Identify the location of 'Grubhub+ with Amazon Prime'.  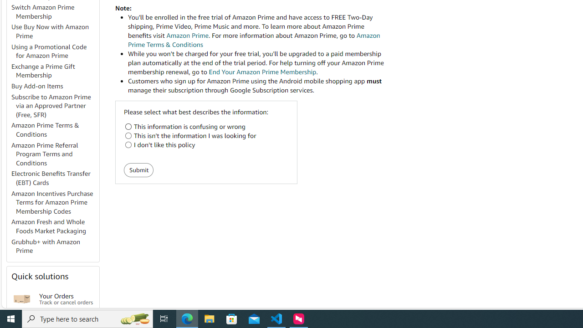
(54, 246).